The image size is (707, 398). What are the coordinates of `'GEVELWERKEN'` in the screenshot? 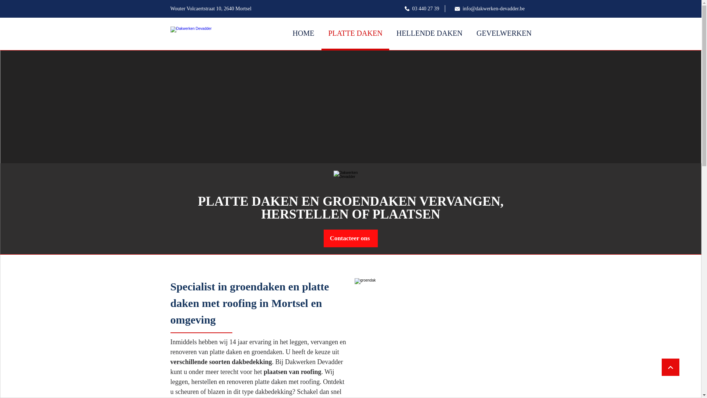 It's located at (469, 34).